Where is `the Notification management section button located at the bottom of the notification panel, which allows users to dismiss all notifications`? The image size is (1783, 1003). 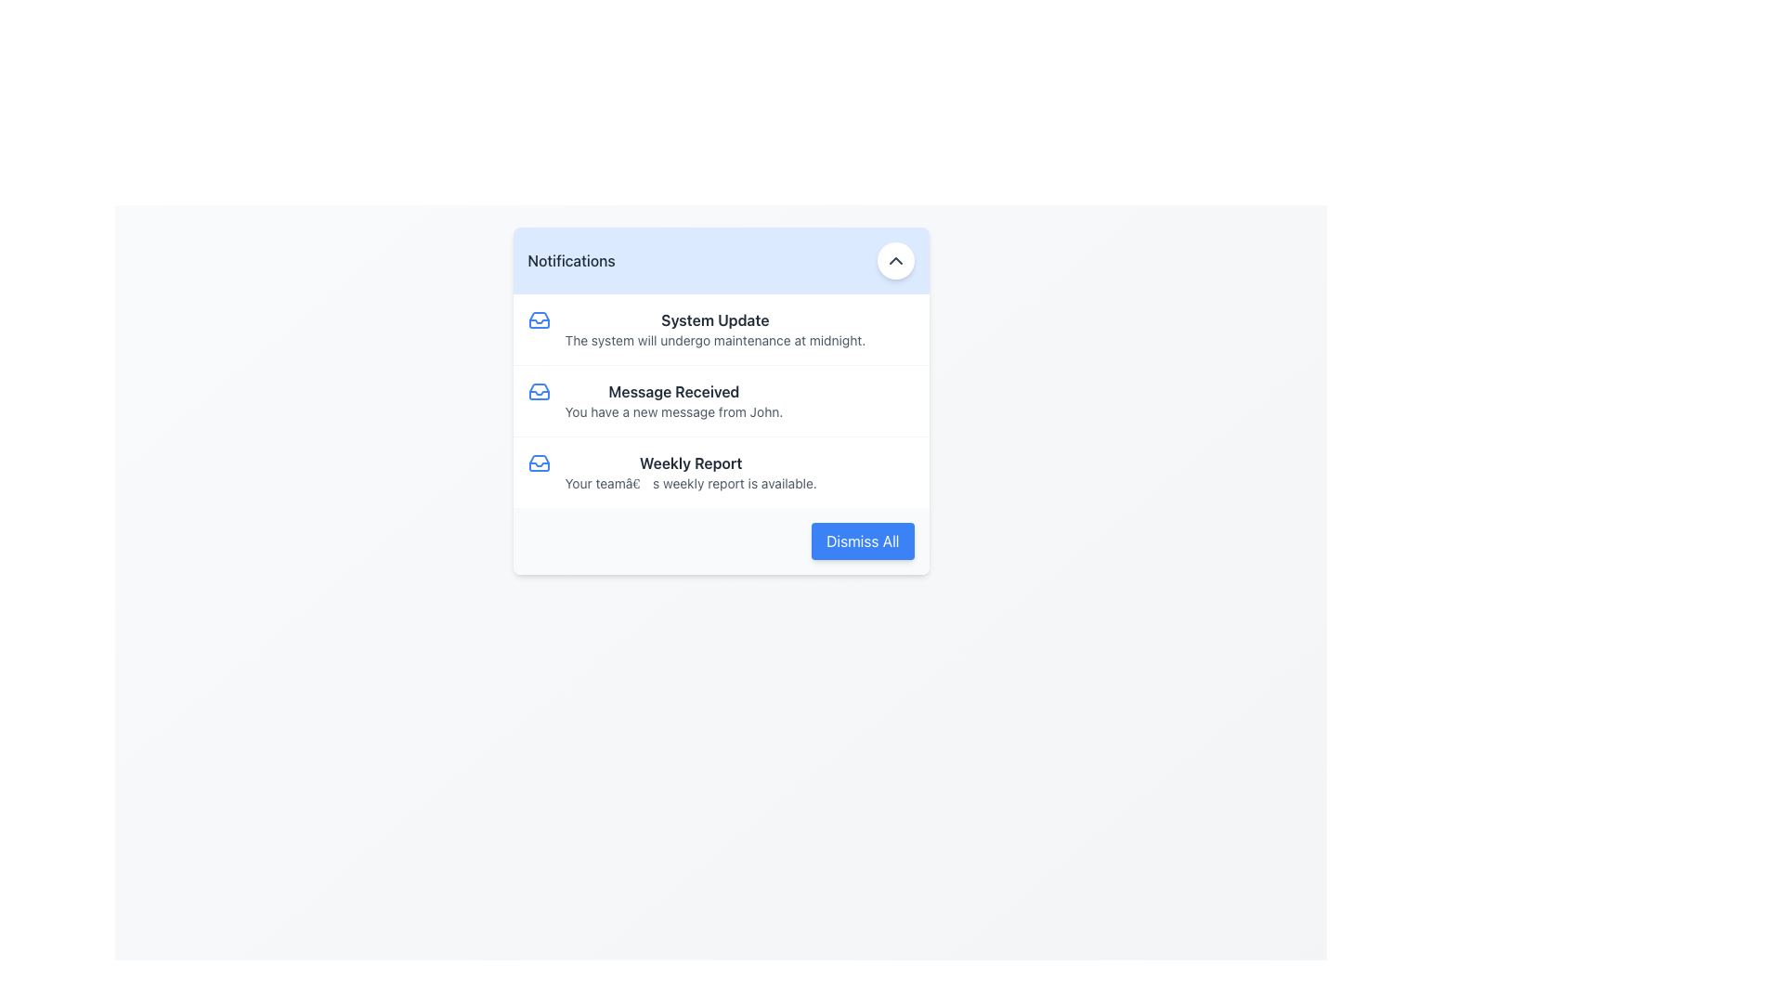
the Notification management section button located at the bottom of the notification panel, which allows users to dismiss all notifications is located at coordinates (720, 541).